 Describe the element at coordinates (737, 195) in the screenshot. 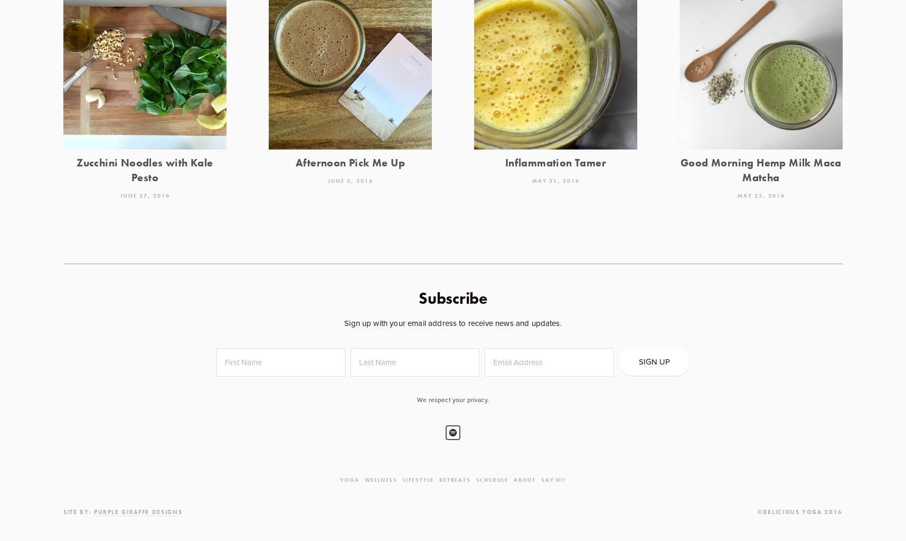

I see `'May 25, 2016'` at that location.